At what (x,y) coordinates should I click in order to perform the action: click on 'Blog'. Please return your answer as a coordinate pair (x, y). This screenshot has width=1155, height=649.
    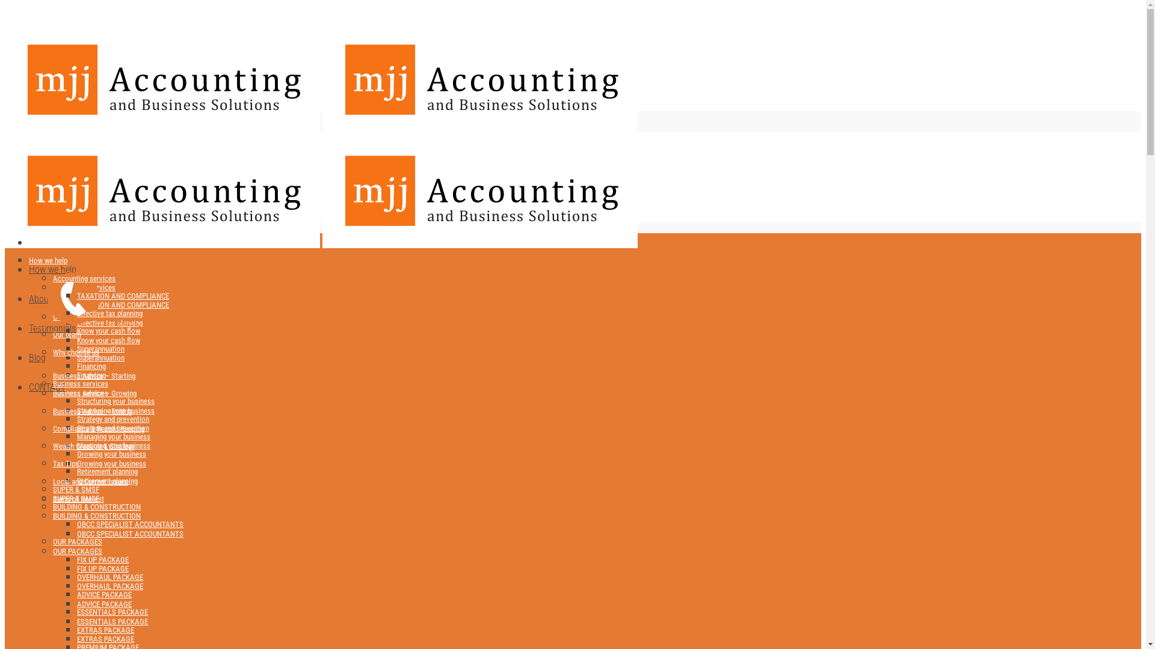
    Looking at the image, I should click on (37, 357).